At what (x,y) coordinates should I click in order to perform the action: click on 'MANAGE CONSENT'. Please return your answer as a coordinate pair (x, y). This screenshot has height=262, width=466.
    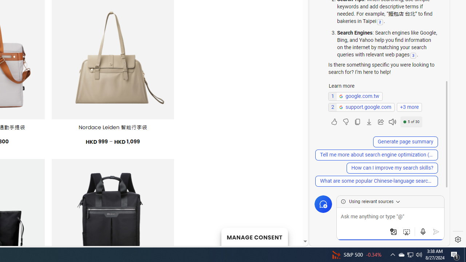
    Looking at the image, I should click on (254, 237).